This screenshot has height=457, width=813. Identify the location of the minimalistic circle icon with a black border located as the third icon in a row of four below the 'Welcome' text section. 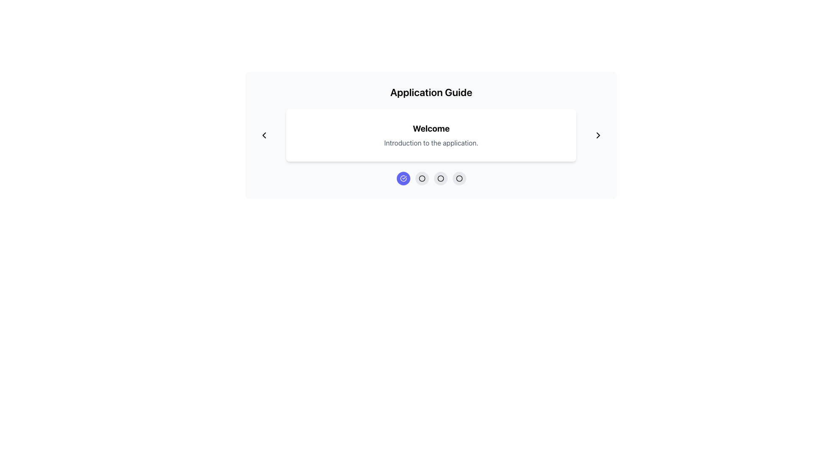
(422, 178).